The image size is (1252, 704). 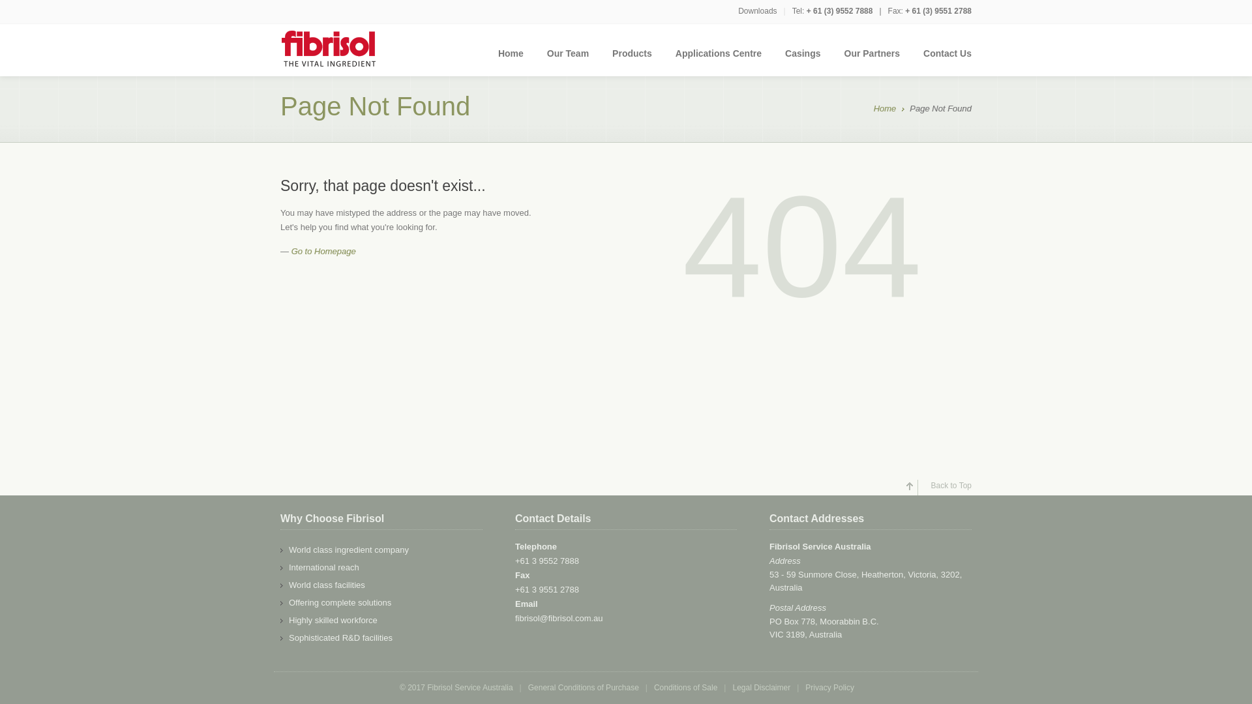 What do you see at coordinates (567, 60) in the screenshot?
I see `'Our Team'` at bounding box center [567, 60].